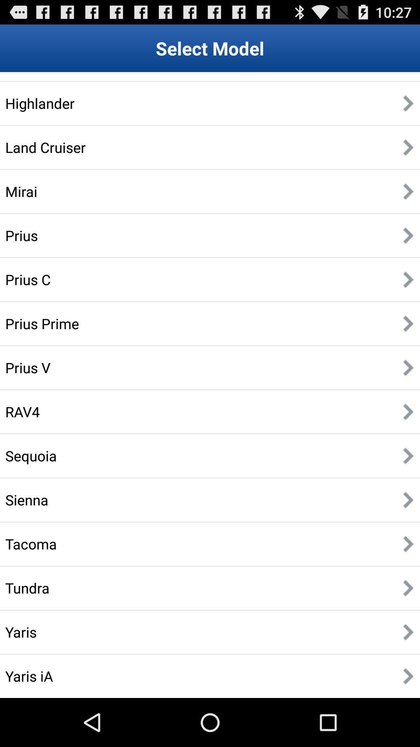 This screenshot has width=420, height=747. I want to click on the highlander app, so click(40, 103).